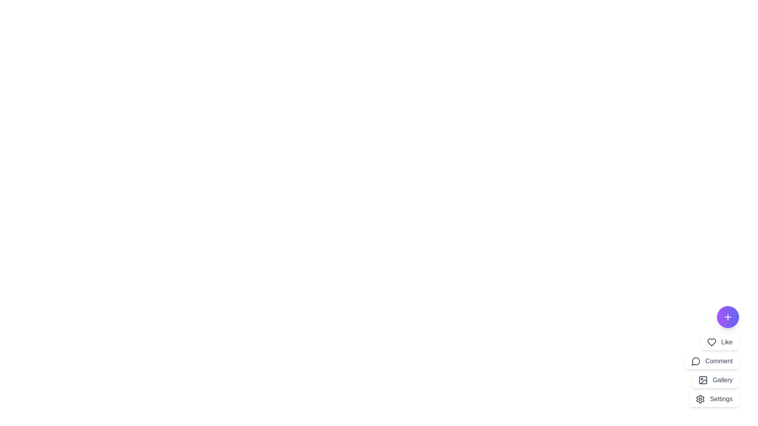 This screenshot has height=426, width=758. Describe the element at coordinates (727, 316) in the screenshot. I see `the floating action button to toggle the main menu` at that location.